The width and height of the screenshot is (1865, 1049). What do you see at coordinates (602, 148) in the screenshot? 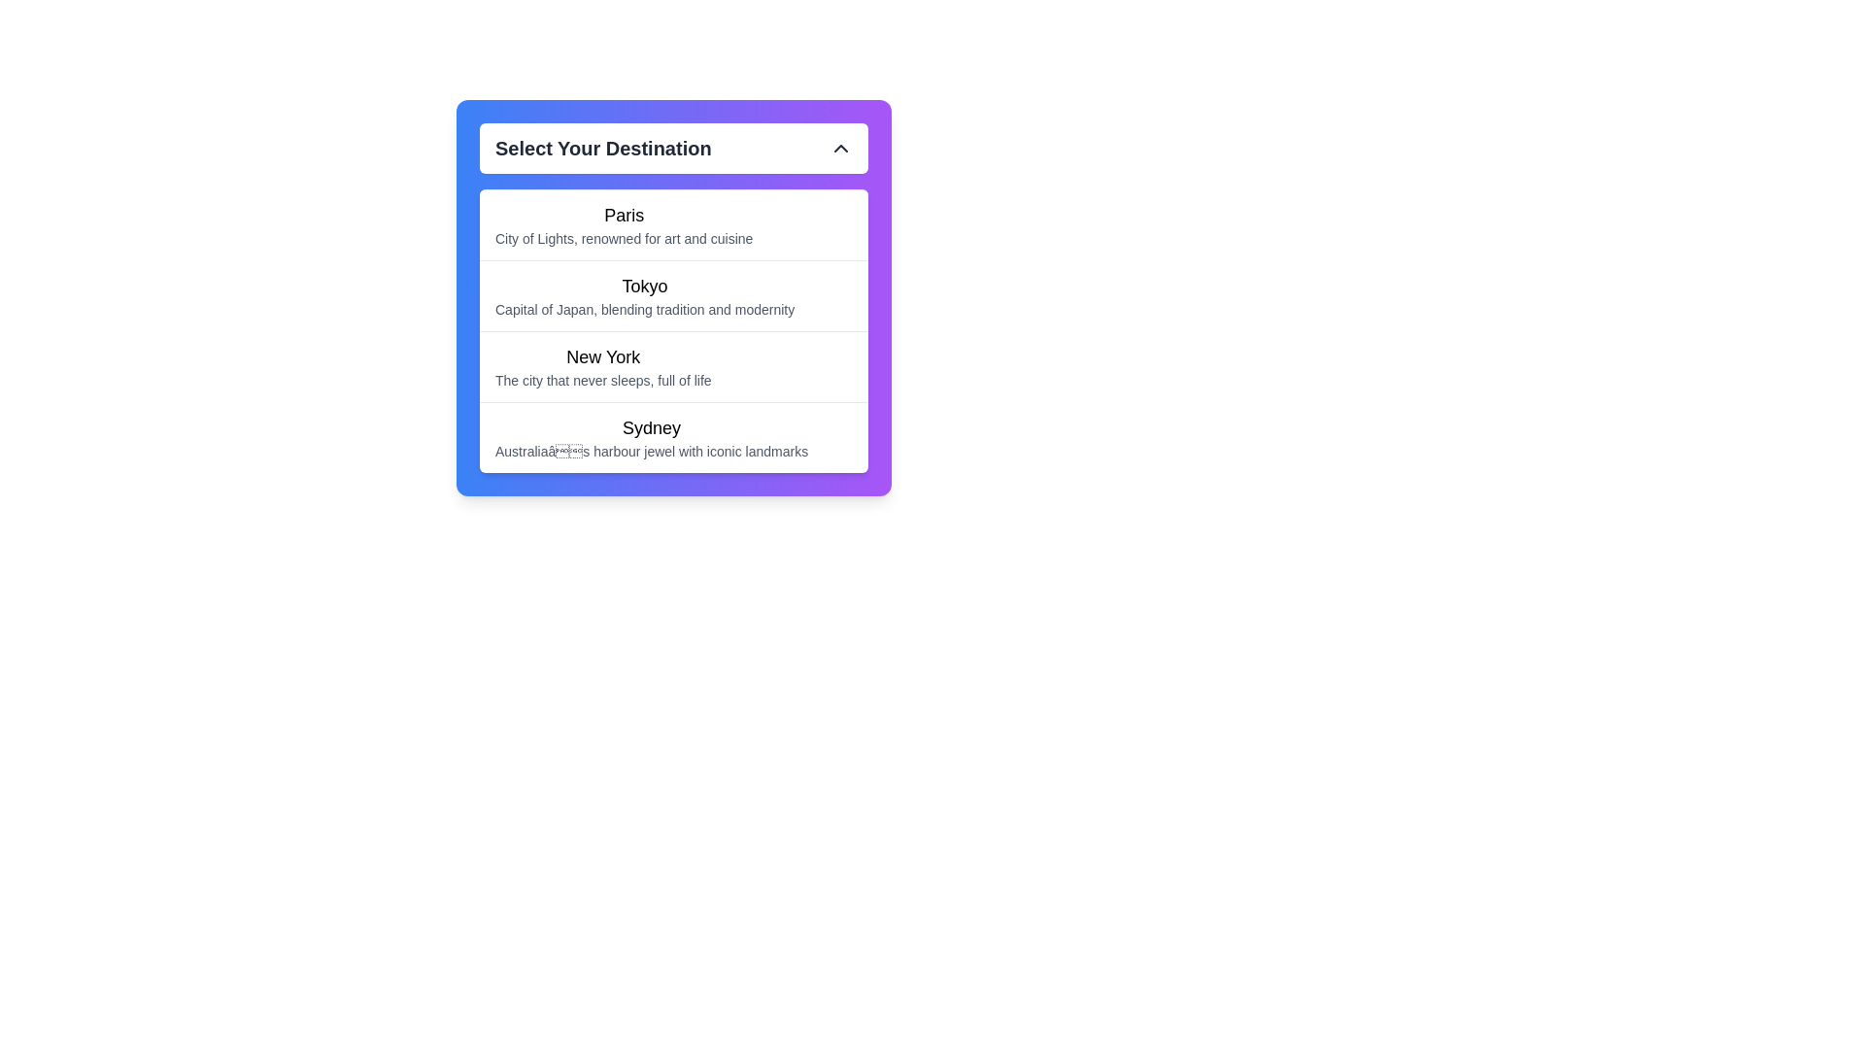
I see `the 'Select Your Destination' text label which is styled in bold black font and positioned at the top of the dropdown menu` at bounding box center [602, 148].